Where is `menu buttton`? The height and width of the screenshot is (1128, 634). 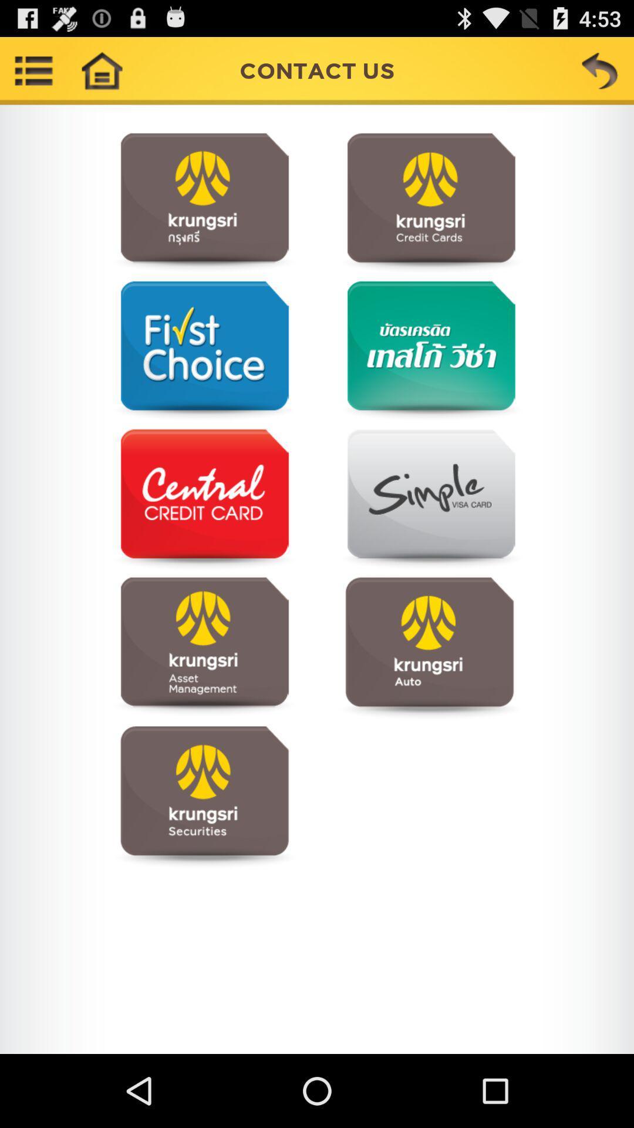 menu buttton is located at coordinates (33, 70).